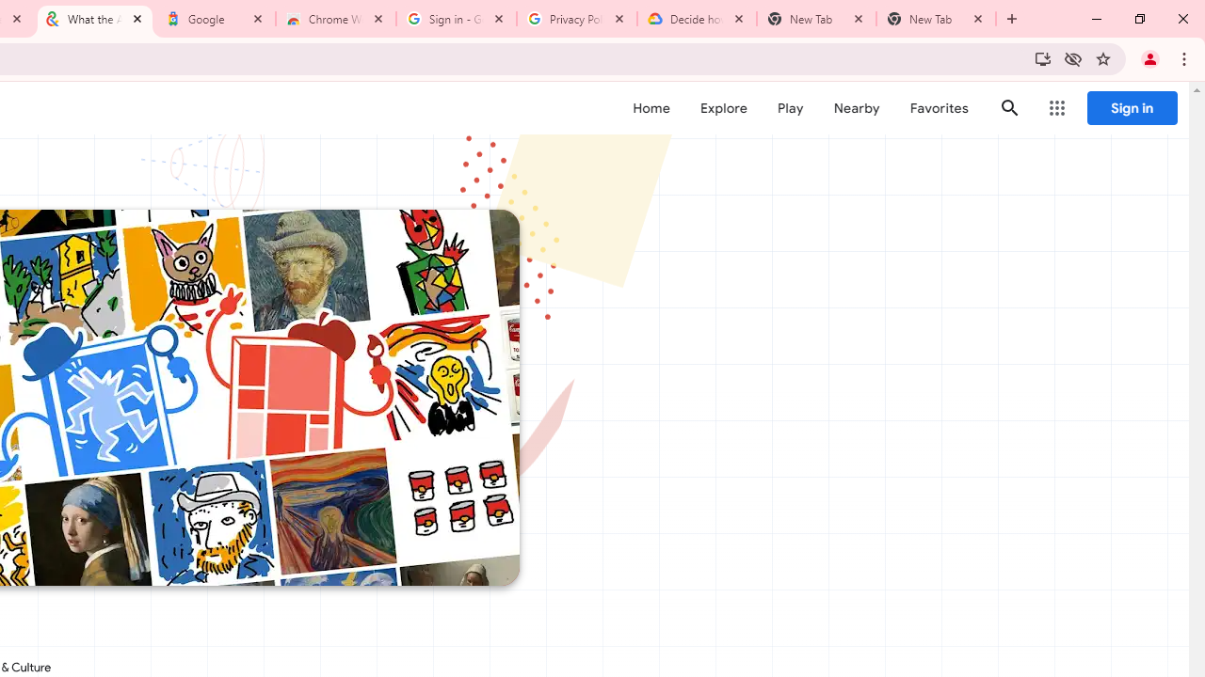 The image size is (1205, 677). What do you see at coordinates (457, 19) in the screenshot?
I see `'Sign in - Google Accounts'` at bounding box center [457, 19].